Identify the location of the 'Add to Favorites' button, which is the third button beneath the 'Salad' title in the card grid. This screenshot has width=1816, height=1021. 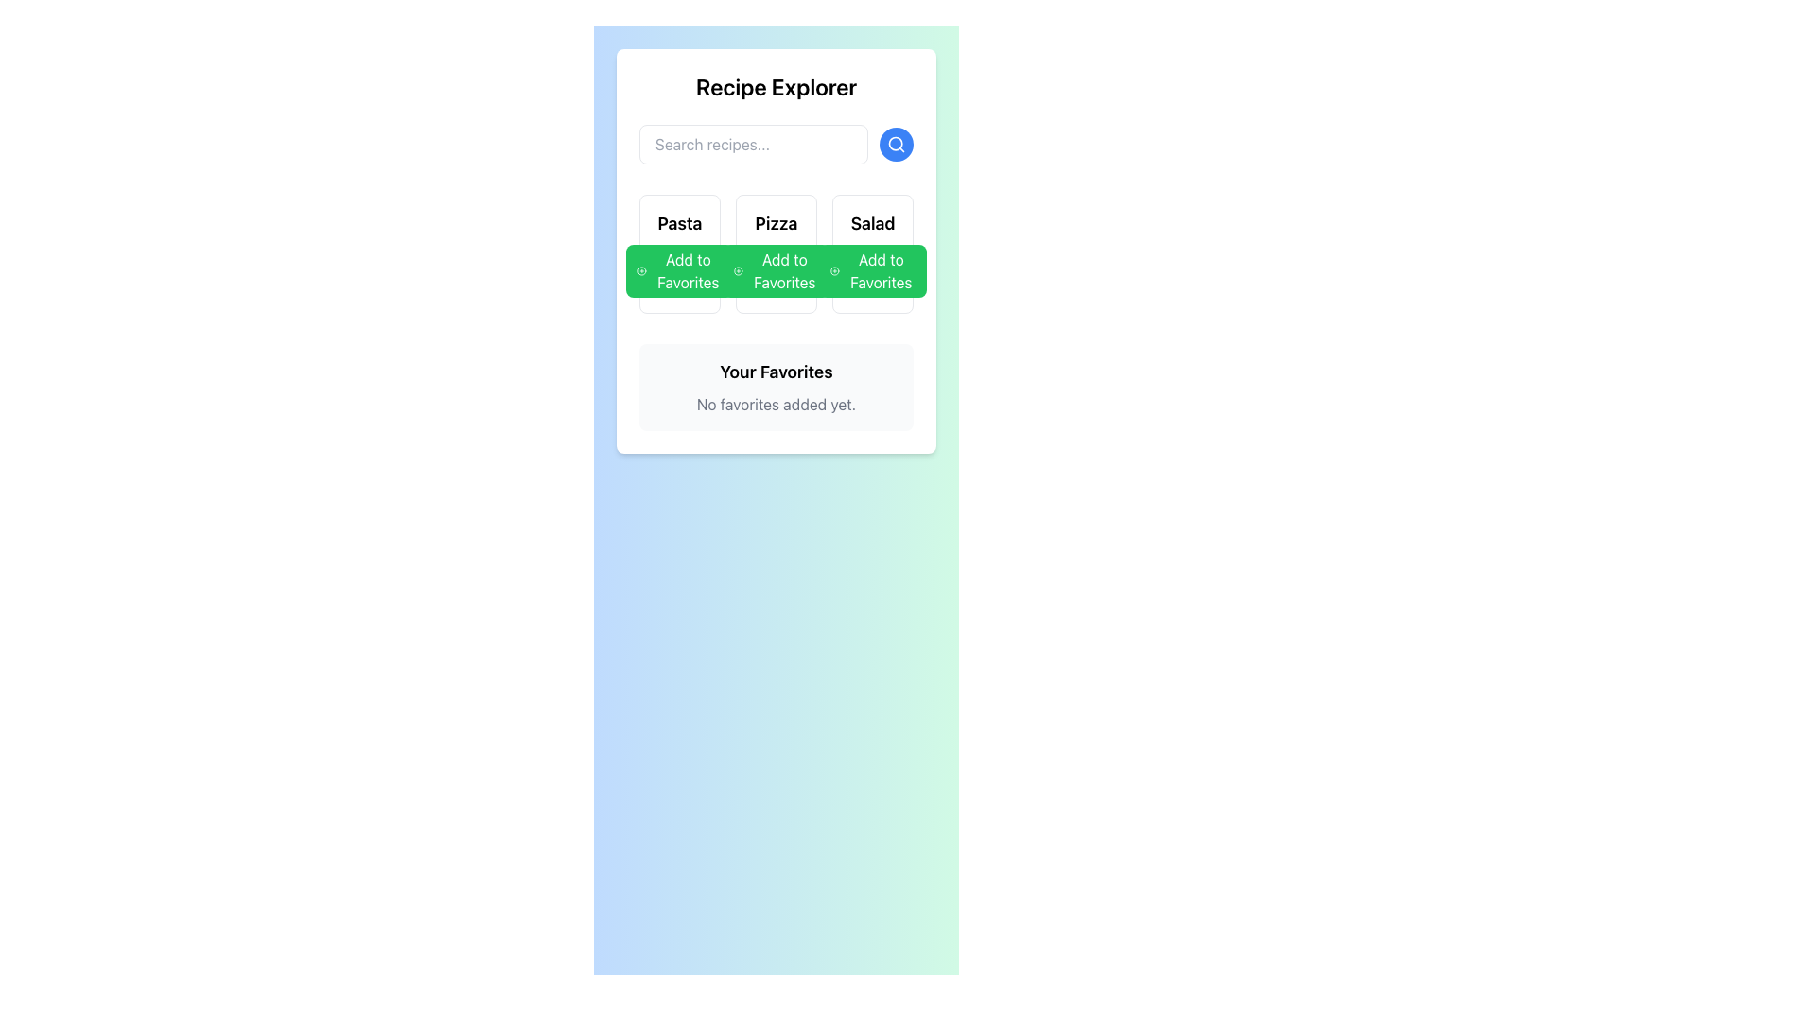
(871, 253).